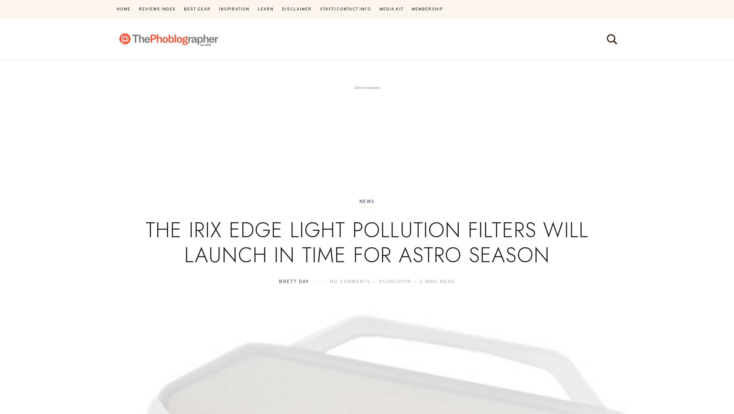 The height and width of the screenshot is (414, 734). Describe the element at coordinates (265, 9) in the screenshot. I see `'Learn'` at that location.